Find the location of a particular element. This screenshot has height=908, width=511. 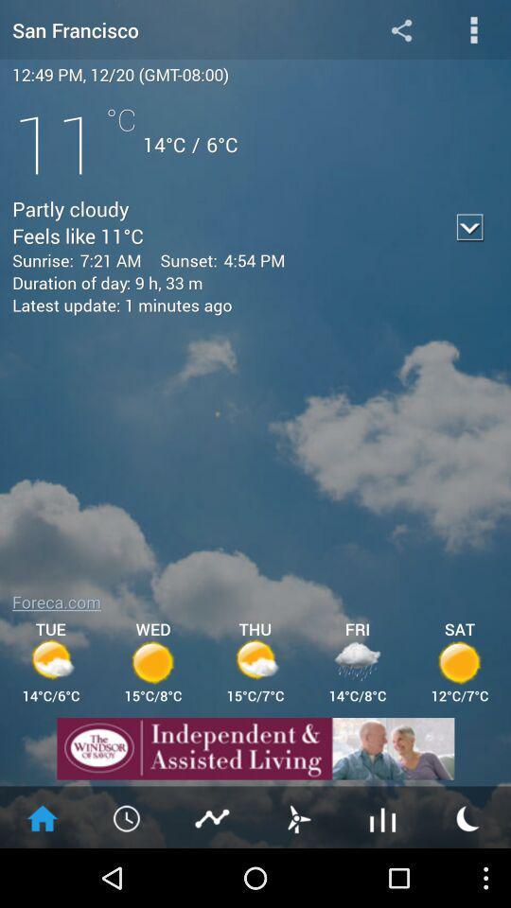

wind speed is located at coordinates (297, 816).